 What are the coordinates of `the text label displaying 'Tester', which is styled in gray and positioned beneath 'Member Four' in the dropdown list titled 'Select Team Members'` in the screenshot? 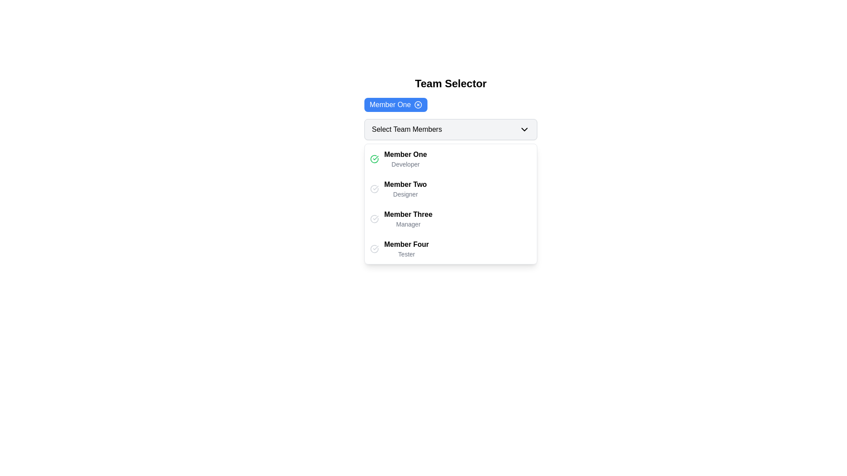 It's located at (406, 254).